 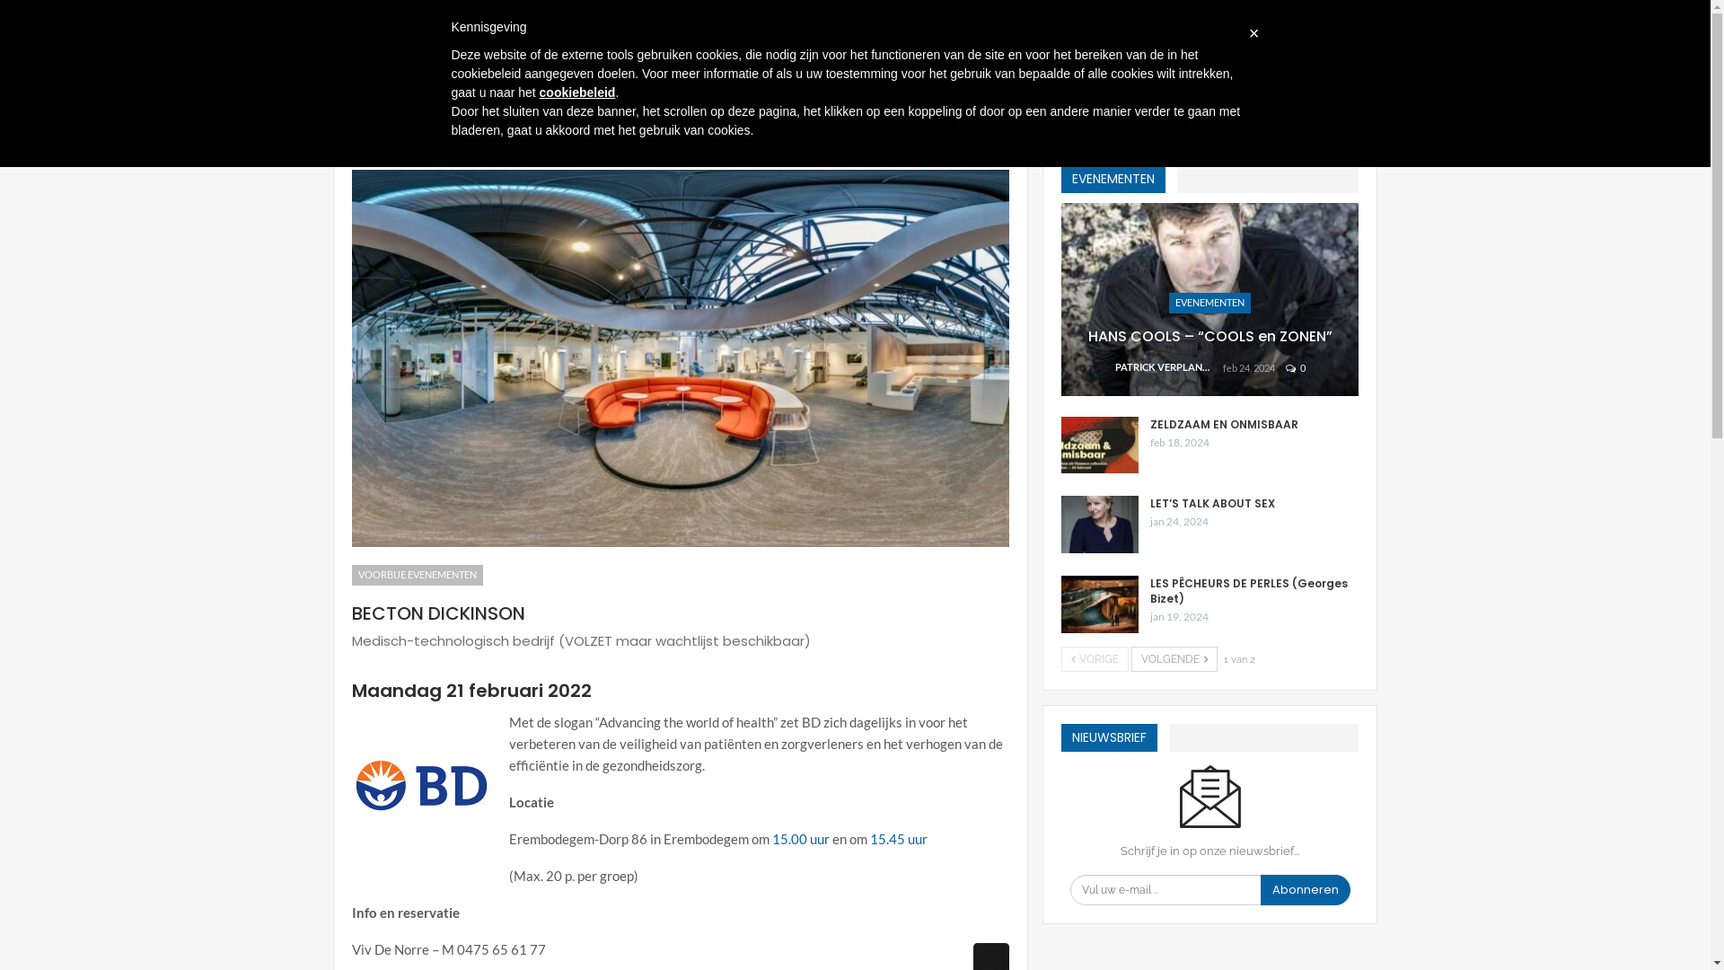 I want to click on '15.00 uur', so click(x=771, y=838).